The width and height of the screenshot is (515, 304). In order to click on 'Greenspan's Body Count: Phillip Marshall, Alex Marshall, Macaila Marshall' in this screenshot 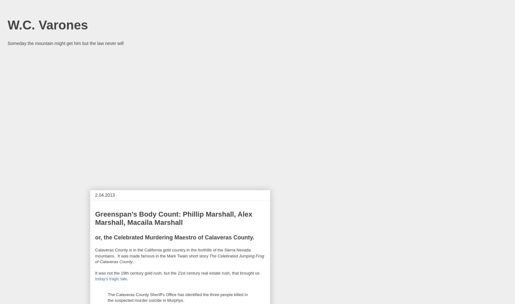, I will do `click(173, 218)`.